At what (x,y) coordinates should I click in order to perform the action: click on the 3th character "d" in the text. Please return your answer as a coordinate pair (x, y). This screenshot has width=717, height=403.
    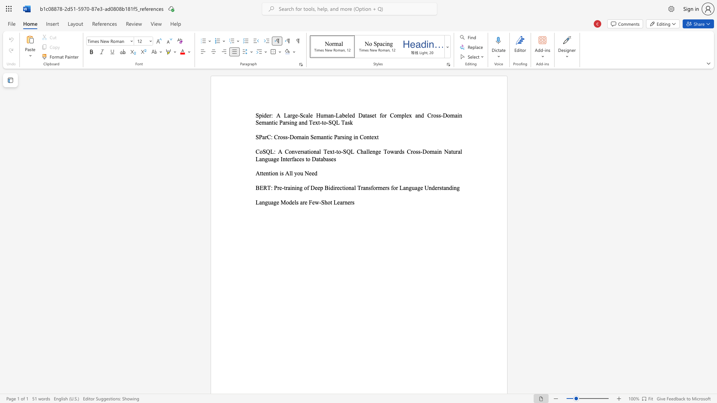
    Looking at the image, I should click on (450, 187).